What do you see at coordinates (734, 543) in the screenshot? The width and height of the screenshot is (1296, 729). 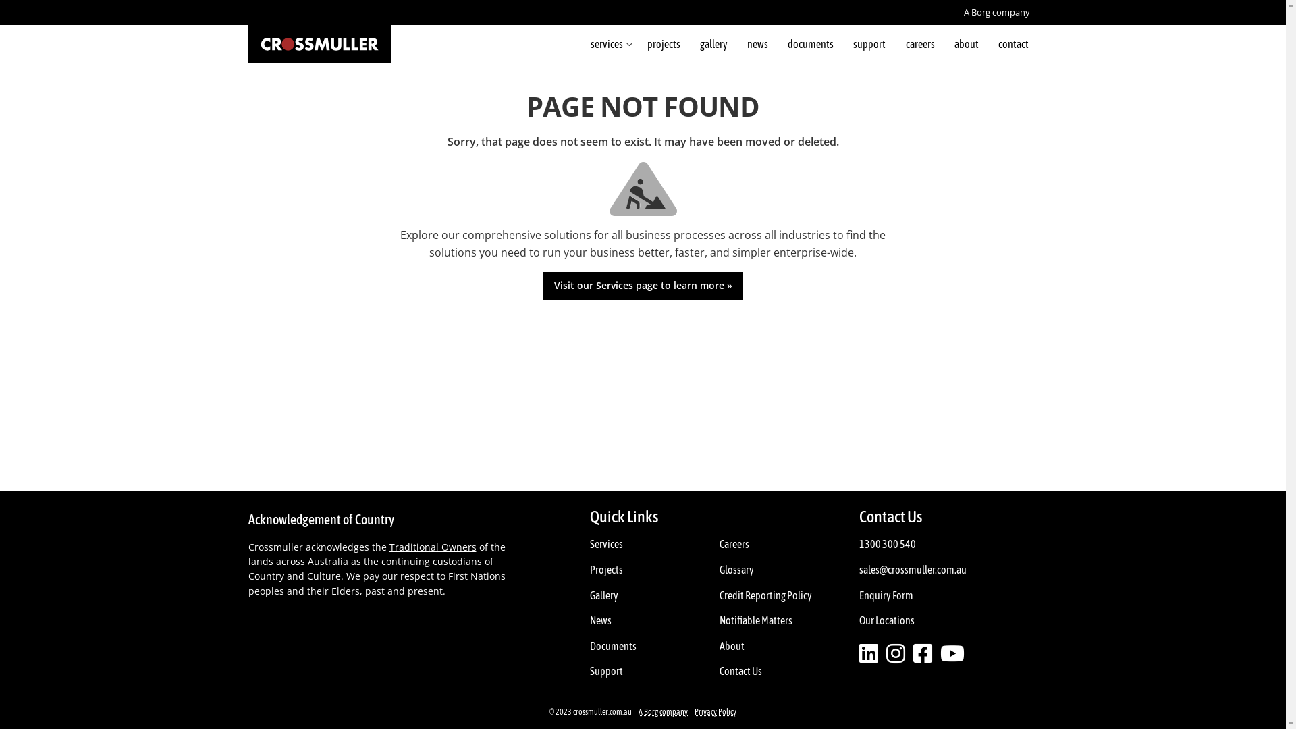 I see `'Careers'` at bounding box center [734, 543].